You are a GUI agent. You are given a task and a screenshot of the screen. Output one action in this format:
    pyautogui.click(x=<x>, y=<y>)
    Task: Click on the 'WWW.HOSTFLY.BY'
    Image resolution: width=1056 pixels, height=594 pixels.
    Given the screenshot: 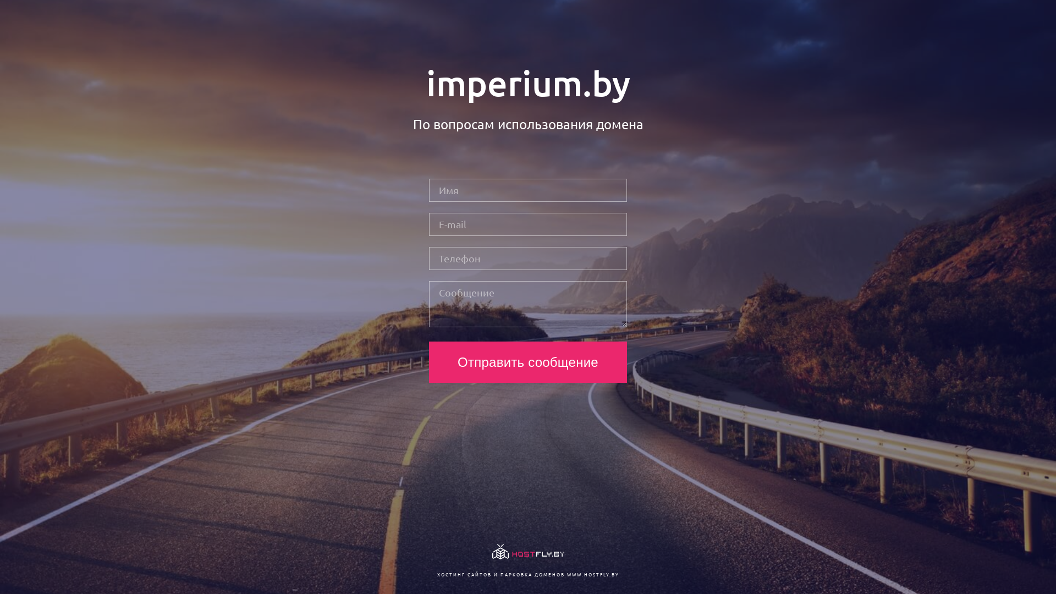 What is the action you would take?
    pyautogui.click(x=592, y=574)
    